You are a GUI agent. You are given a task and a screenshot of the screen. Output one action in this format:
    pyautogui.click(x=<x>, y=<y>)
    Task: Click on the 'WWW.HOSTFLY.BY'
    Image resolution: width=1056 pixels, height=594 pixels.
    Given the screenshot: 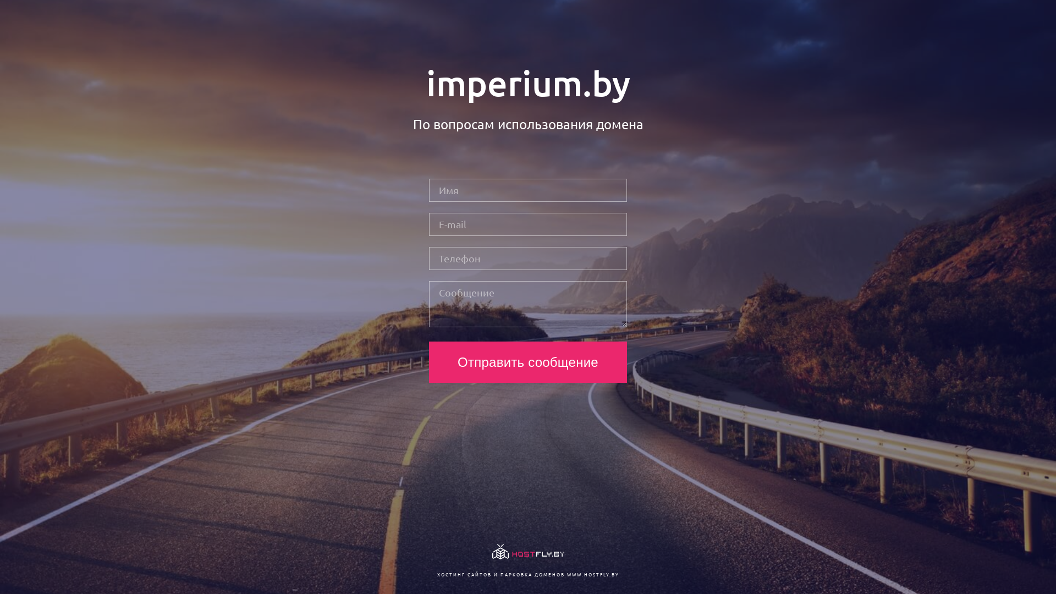 What is the action you would take?
    pyautogui.click(x=592, y=574)
    